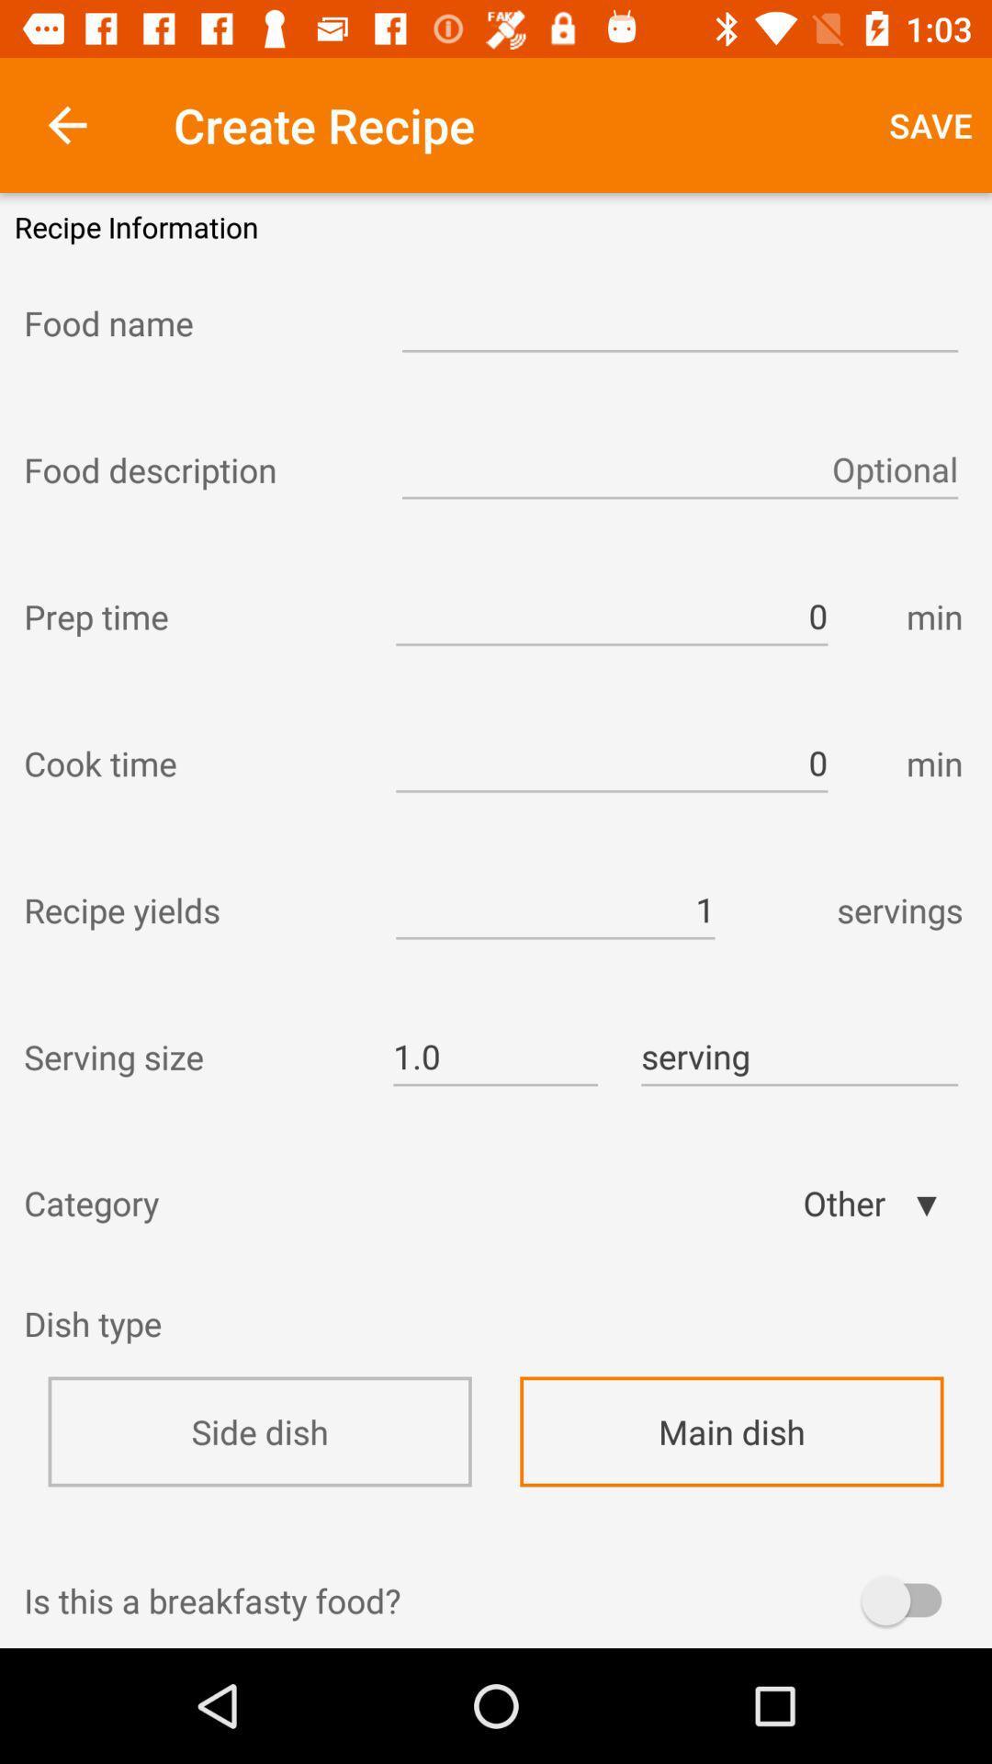  Describe the element at coordinates (260, 1430) in the screenshot. I see `the app to the left of main dish app` at that location.